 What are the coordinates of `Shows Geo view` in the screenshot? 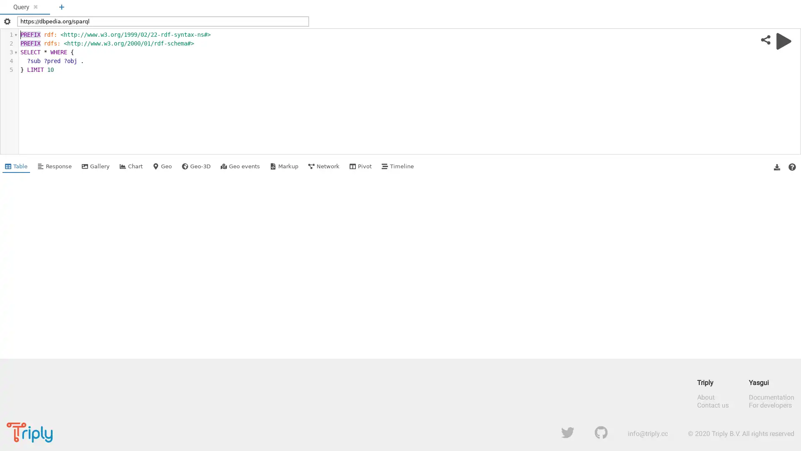 It's located at (162, 167).